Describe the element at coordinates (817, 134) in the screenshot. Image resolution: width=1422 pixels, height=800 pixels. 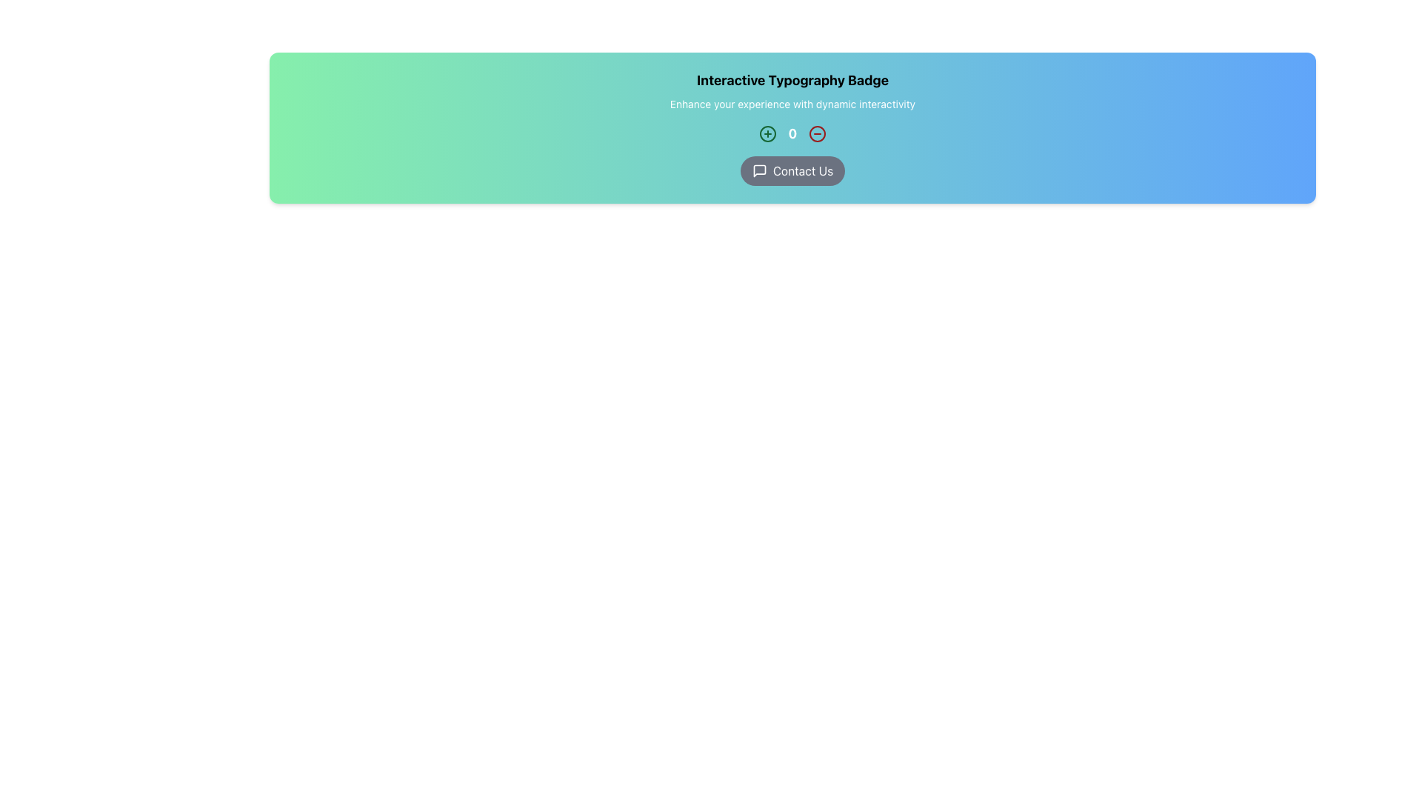
I see `the outer circle of the icon, which is part of a button-like structure in the graphical interface` at that location.